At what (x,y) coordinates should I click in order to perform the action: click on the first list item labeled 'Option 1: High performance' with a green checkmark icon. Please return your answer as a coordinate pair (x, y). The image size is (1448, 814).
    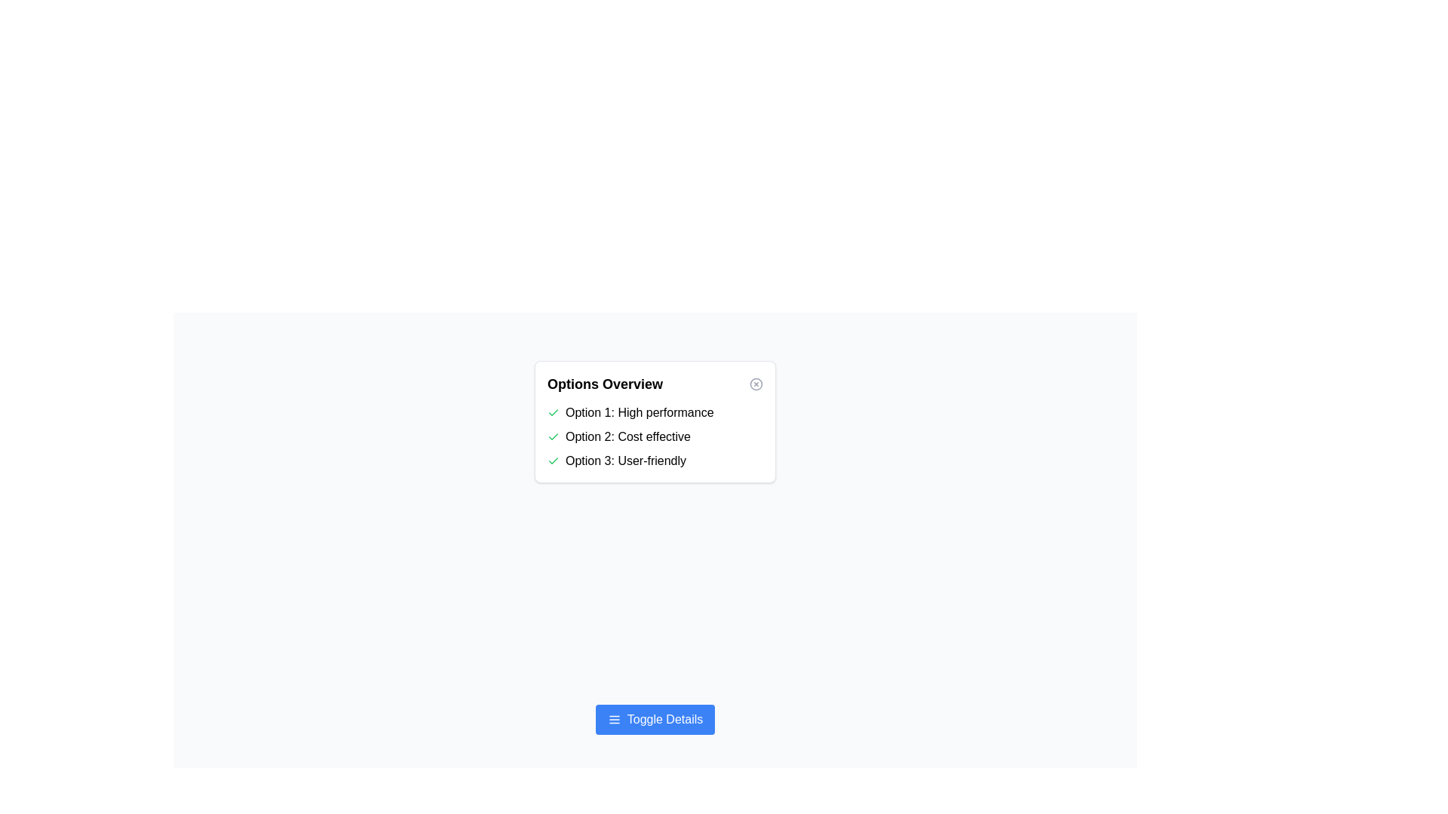
    Looking at the image, I should click on (655, 412).